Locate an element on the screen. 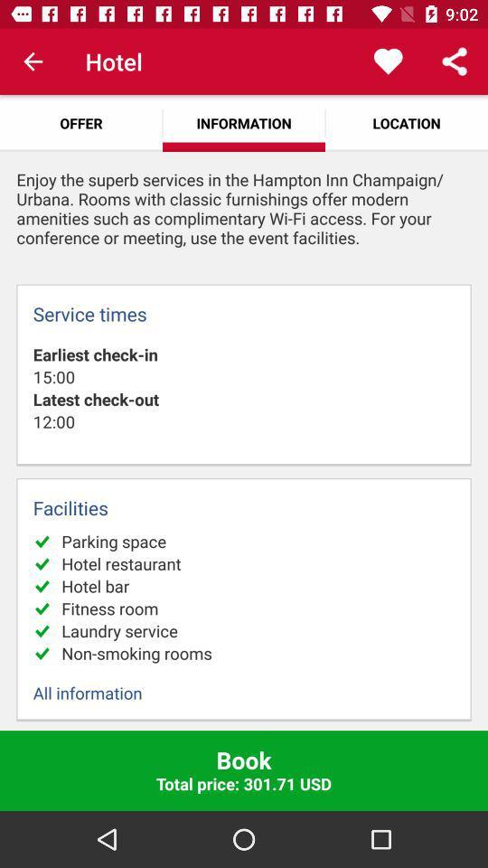 The width and height of the screenshot is (488, 868). the item next to the information app is located at coordinates (387, 61).